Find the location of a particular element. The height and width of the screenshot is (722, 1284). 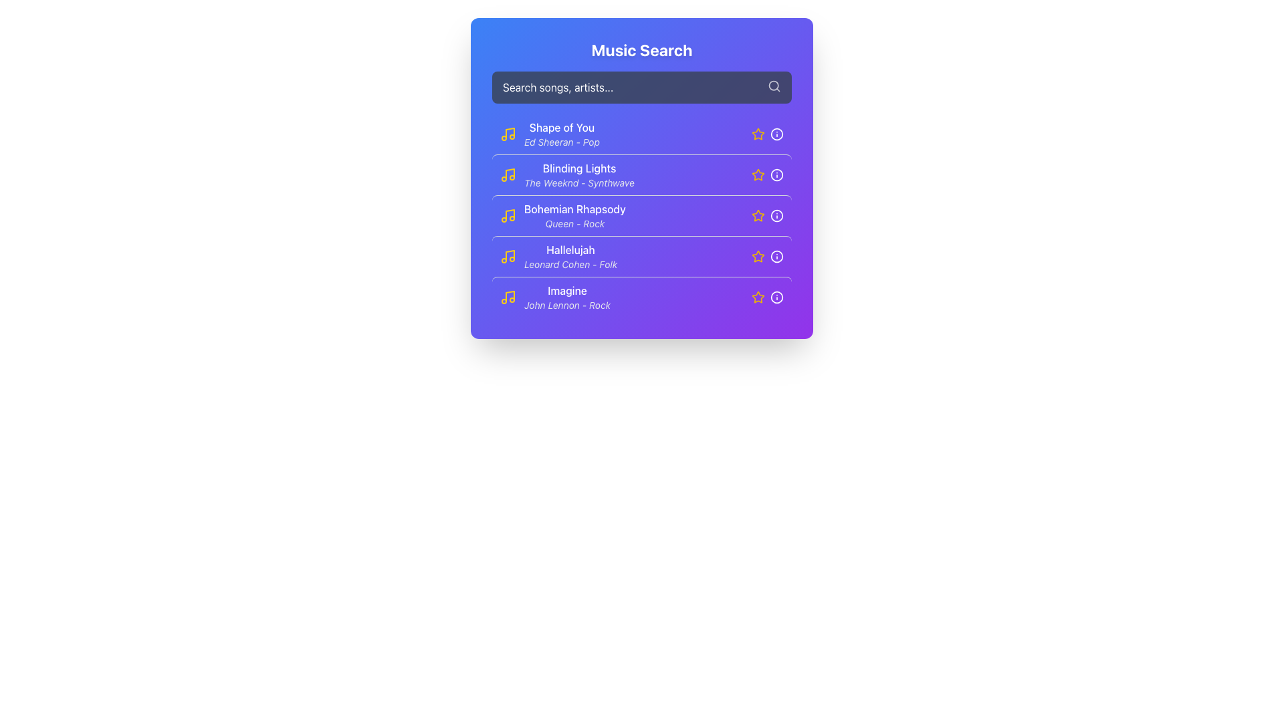

the fifth list item is located at coordinates (555, 296).